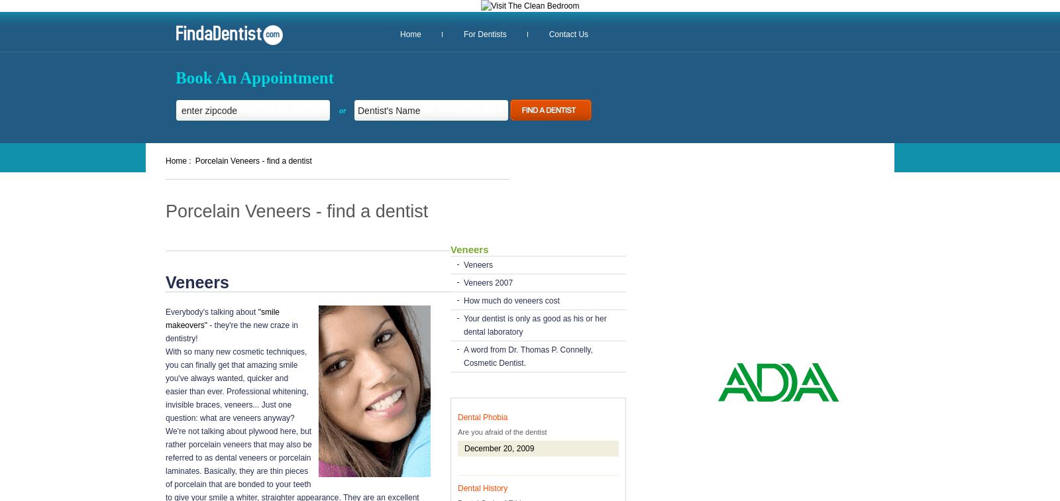 The width and height of the screenshot is (1060, 501). I want to click on 'For Dentists', so click(485, 34).